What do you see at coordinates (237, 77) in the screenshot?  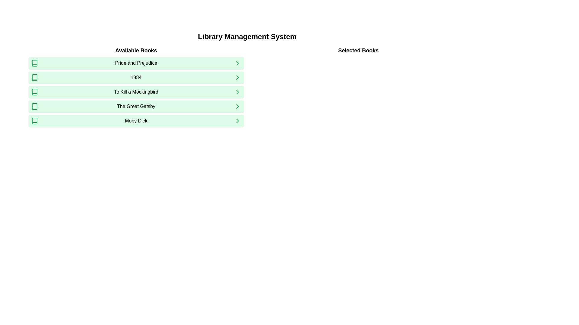 I see `the green Chevron icon located at the far right end of the '1984' list item in the 'Available Books' section` at bounding box center [237, 77].